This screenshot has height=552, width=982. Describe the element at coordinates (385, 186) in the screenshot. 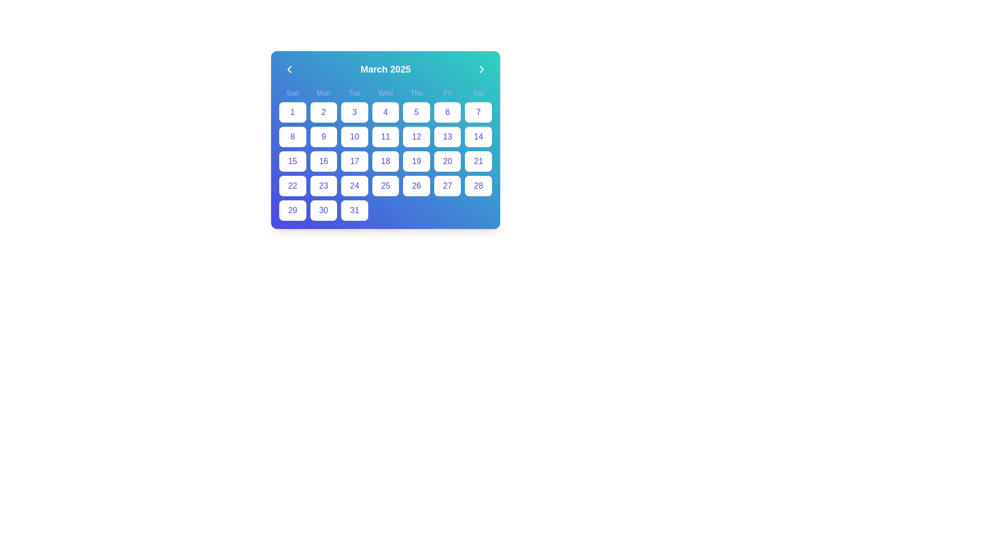

I see `the rounded rectangular button with the number '25' in indigo at its center to apply a ring effect` at that location.